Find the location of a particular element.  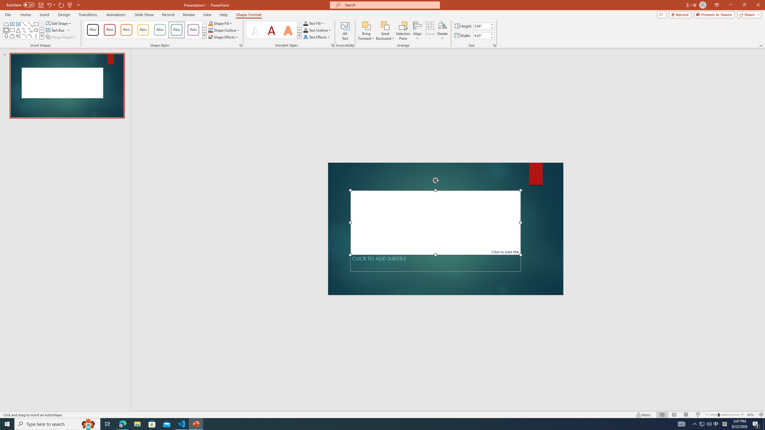

'Text Outline RGB(0, 0, 0)' is located at coordinates (305, 30).